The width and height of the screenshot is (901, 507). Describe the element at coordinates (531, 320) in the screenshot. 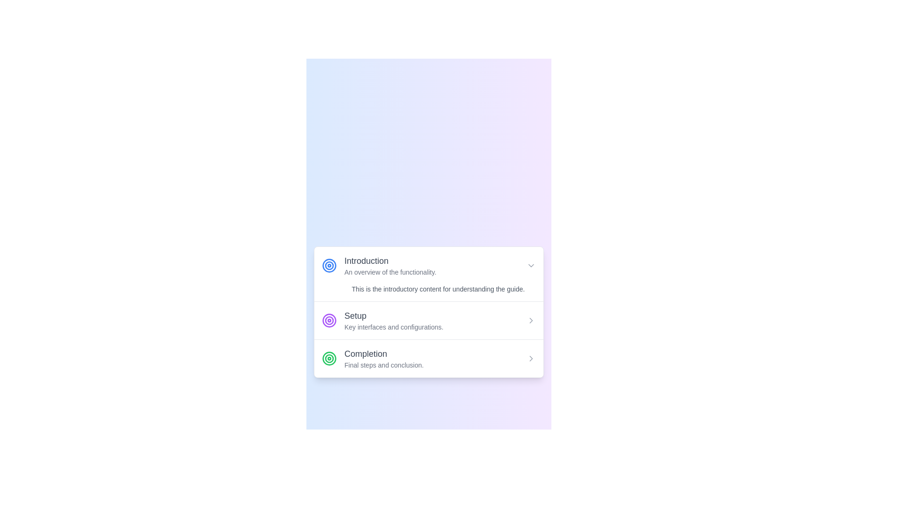

I see `the navigation indicator icon located in the 'Setup' row, which suggests there are more details or a submenu available` at that location.